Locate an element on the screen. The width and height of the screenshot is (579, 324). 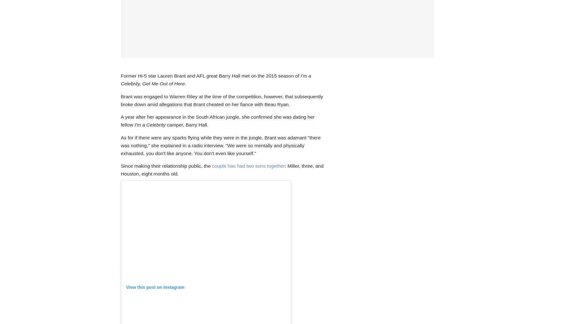
'I'm a Celebrity' is located at coordinates (150, 124).